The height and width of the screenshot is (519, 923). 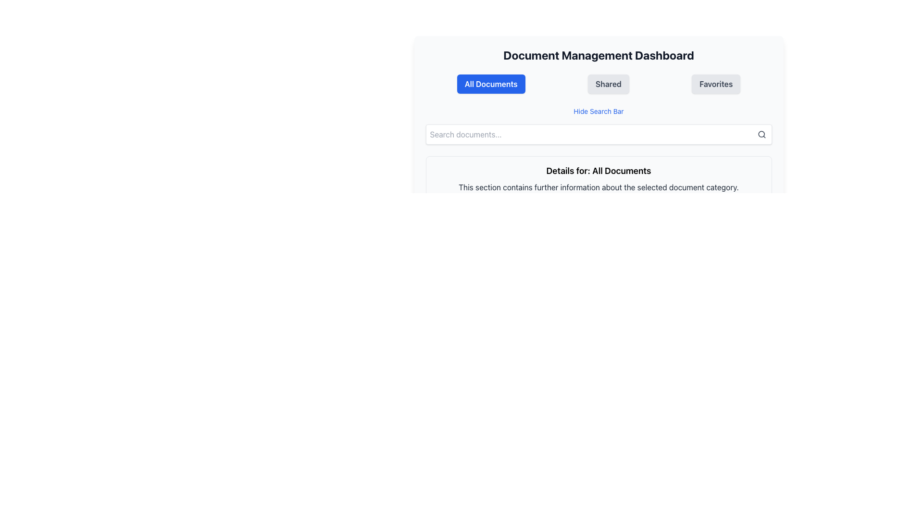 I want to click on the text element displaying the message 'This section contains further information about the selected document category.', so click(x=598, y=187).